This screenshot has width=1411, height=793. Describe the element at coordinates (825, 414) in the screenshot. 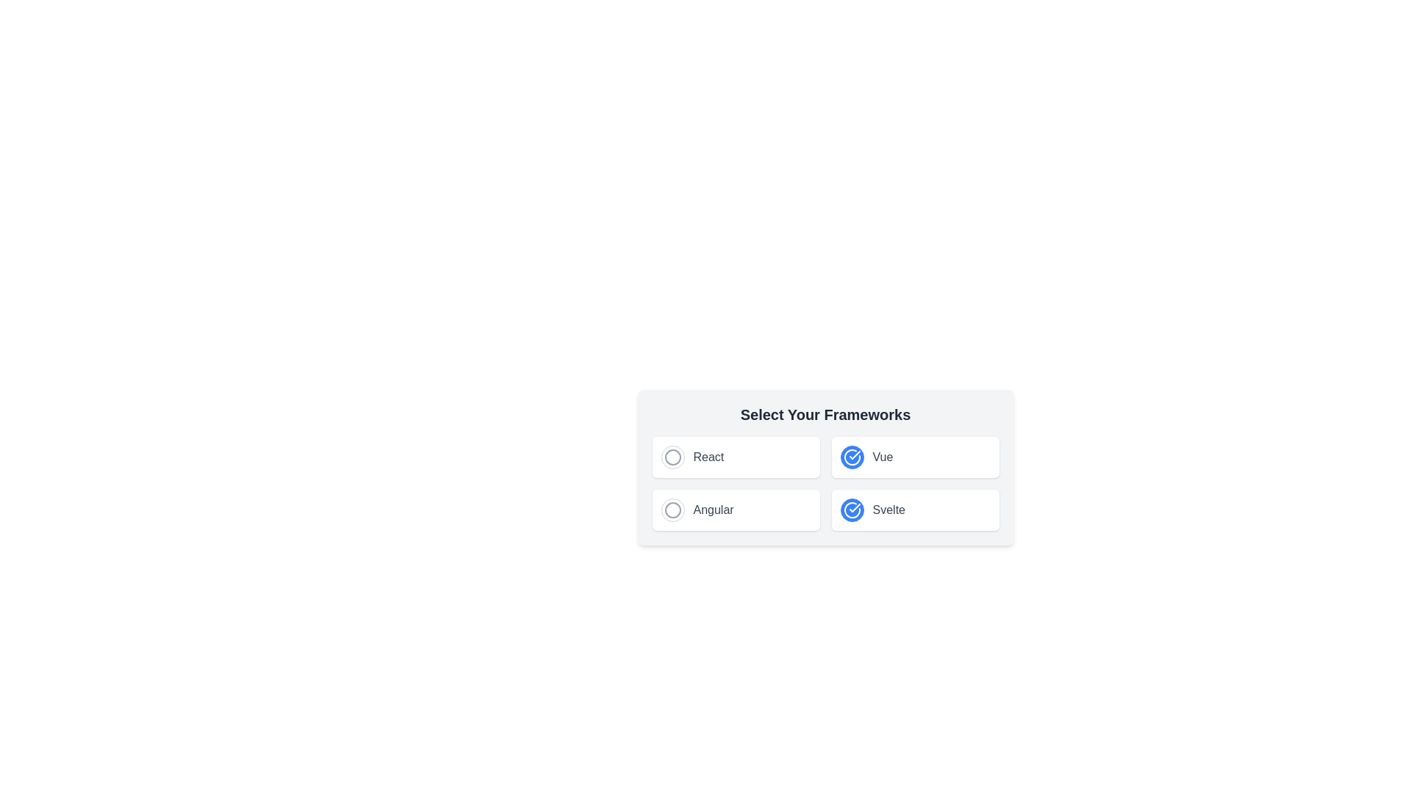

I see `the Text label that serves as a heading for the section, located above the grid layout of selectable options` at that location.